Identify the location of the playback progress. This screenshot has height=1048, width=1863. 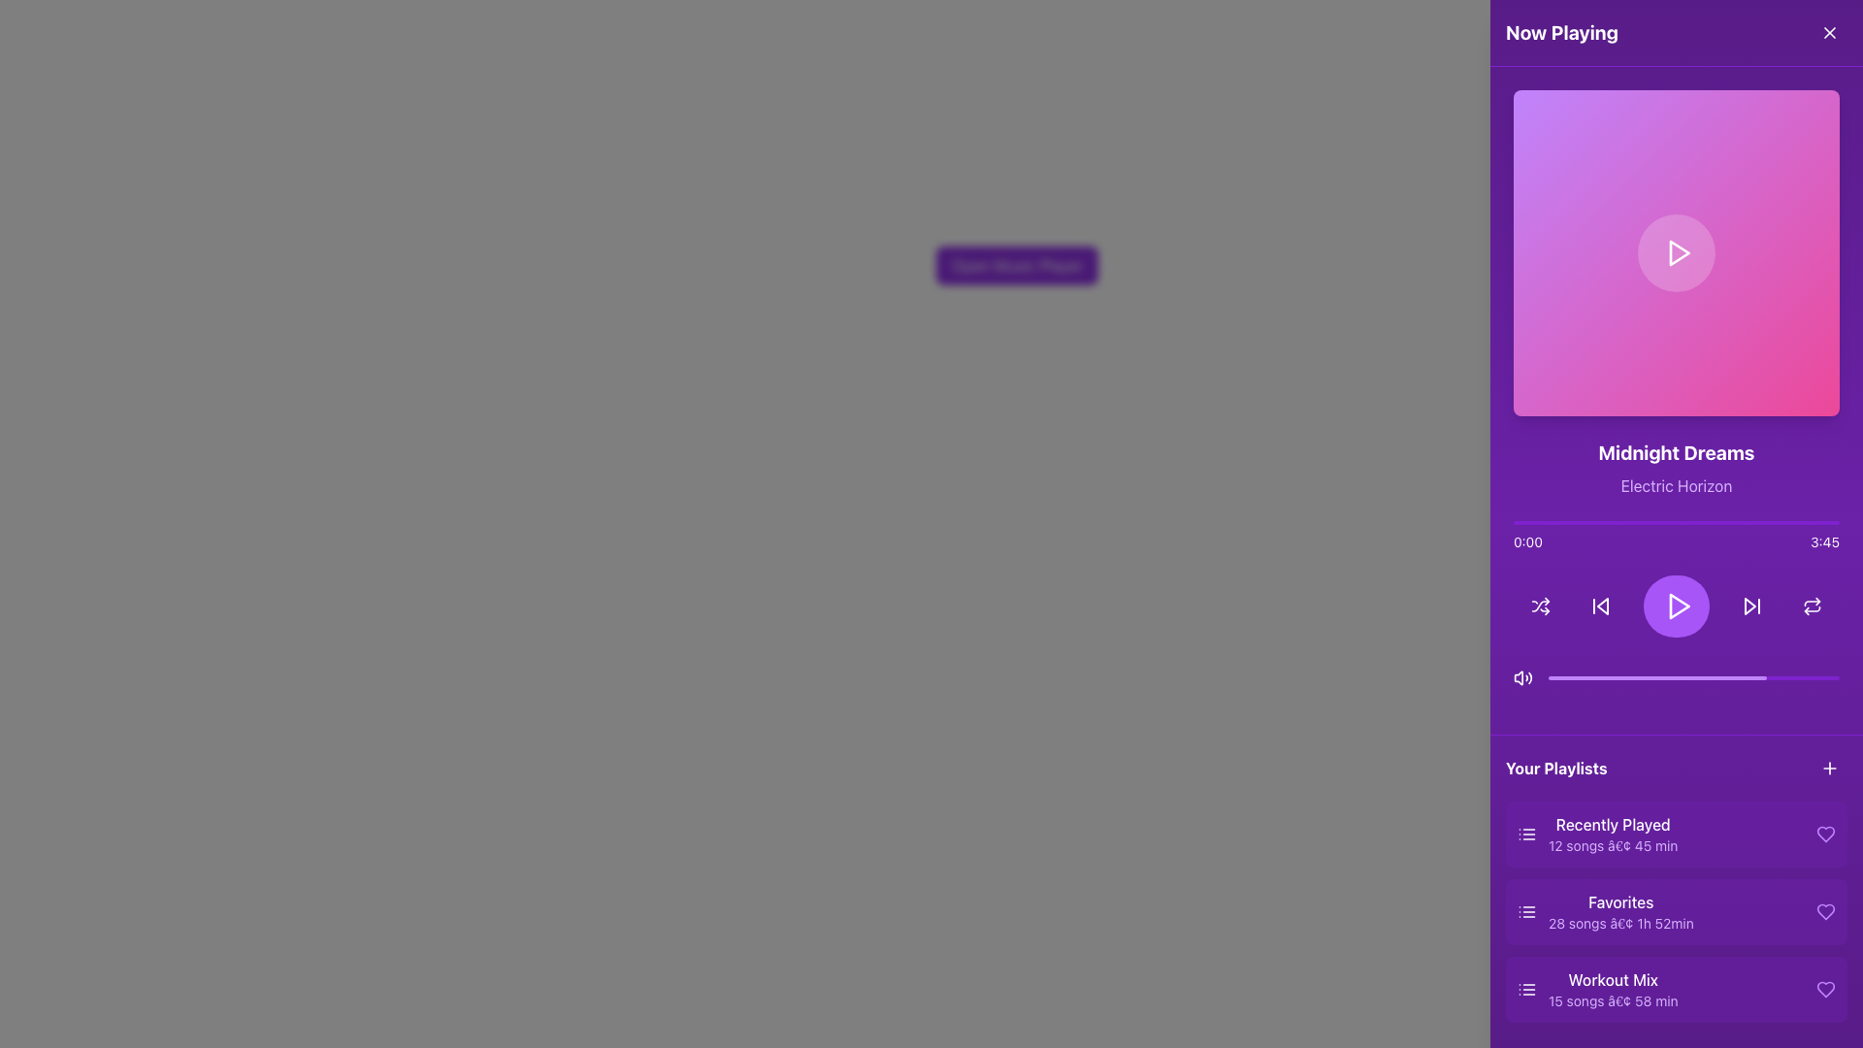
(1714, 676).